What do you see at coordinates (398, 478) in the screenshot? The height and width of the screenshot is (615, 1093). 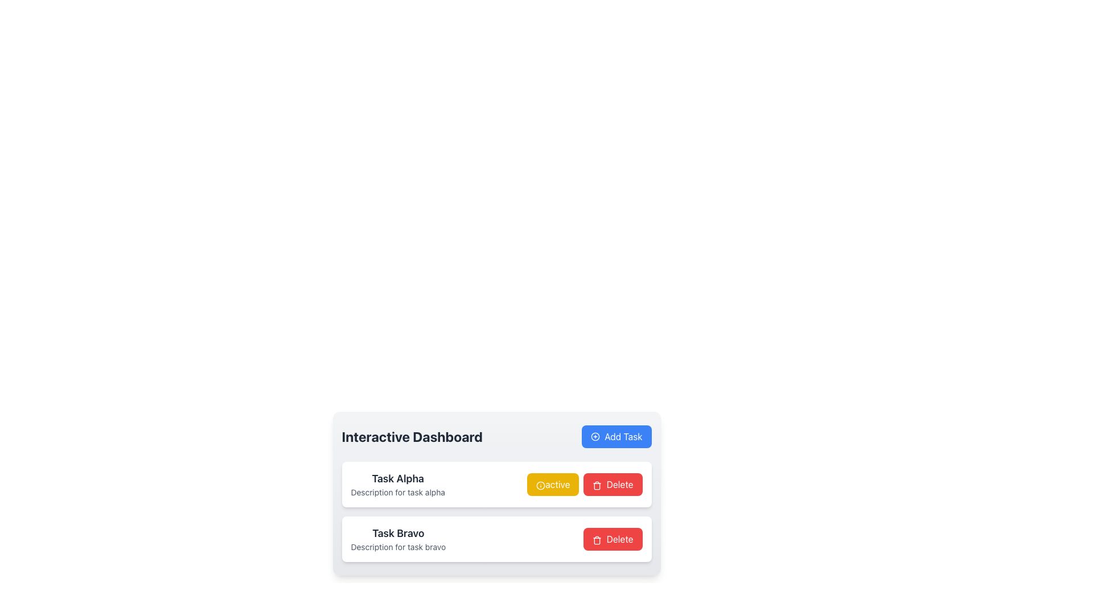 I see `text element displaying the title 'Task Alpha', which is a large, bold heading in dark gray color located at the top of the task-related cards` at bounding box center [398, 478].